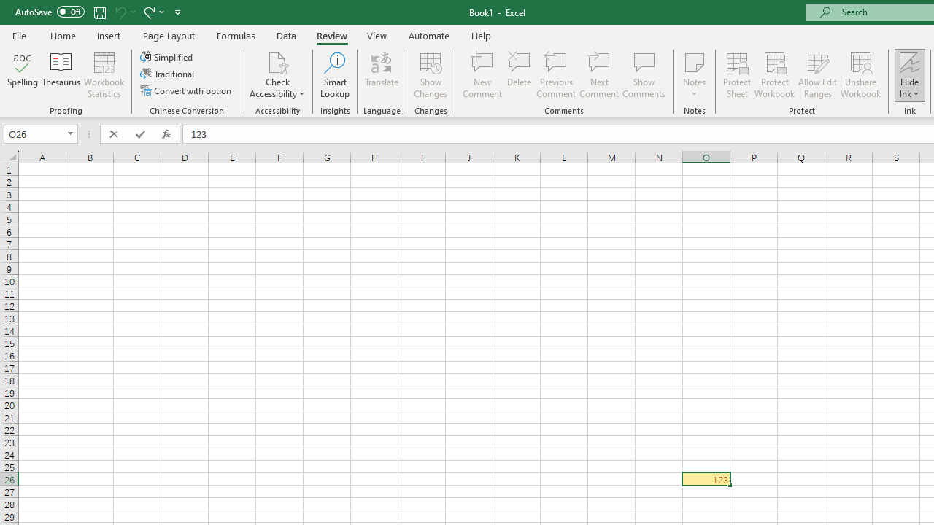 The image size is (934, 525). I want to click on 'Quick Access Toolbar', so click(99, 12).